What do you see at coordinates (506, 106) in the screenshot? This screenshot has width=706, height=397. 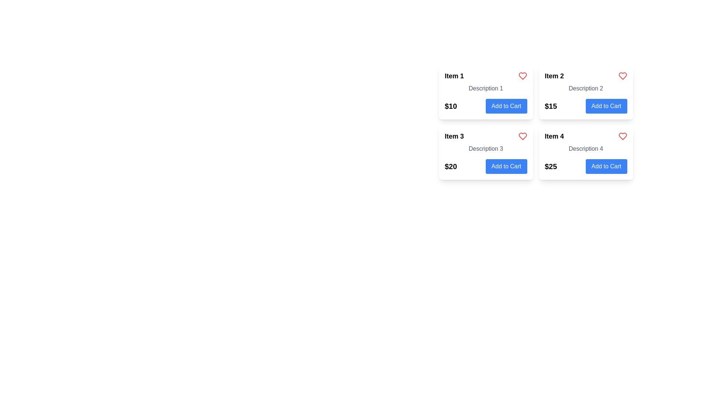 I see `the button located beneath the price of '$10' in the first column of the item grid` at bounding box center [506, 106].